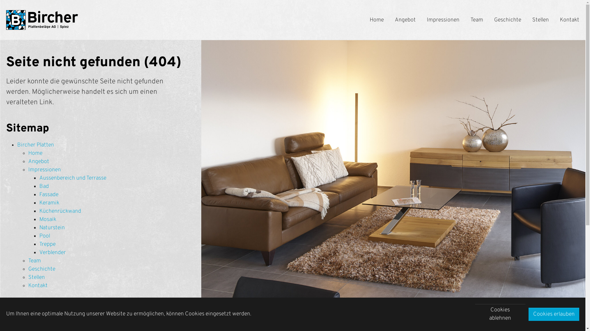  What do you see at coordinates (53, 253) in the screenshot?
I see `'Verblender'` at bounding box center [53, 253].